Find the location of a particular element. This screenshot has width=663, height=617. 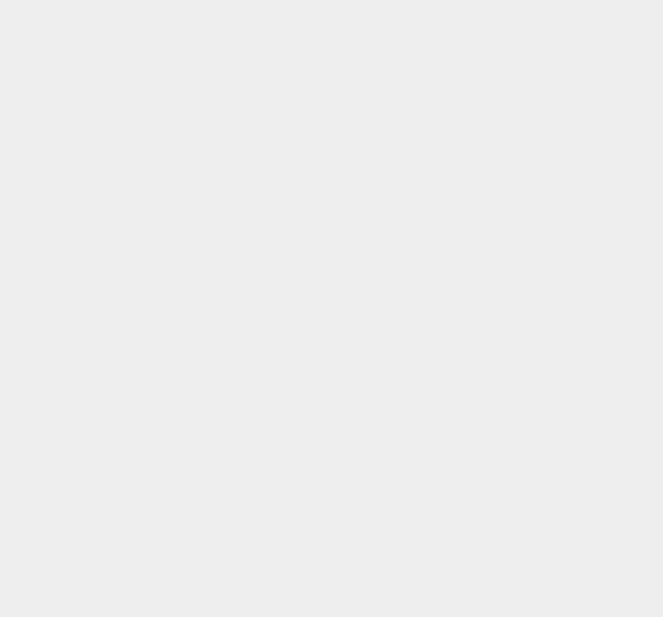

'Android Marshmallow' is located at coordinates (508, 220).